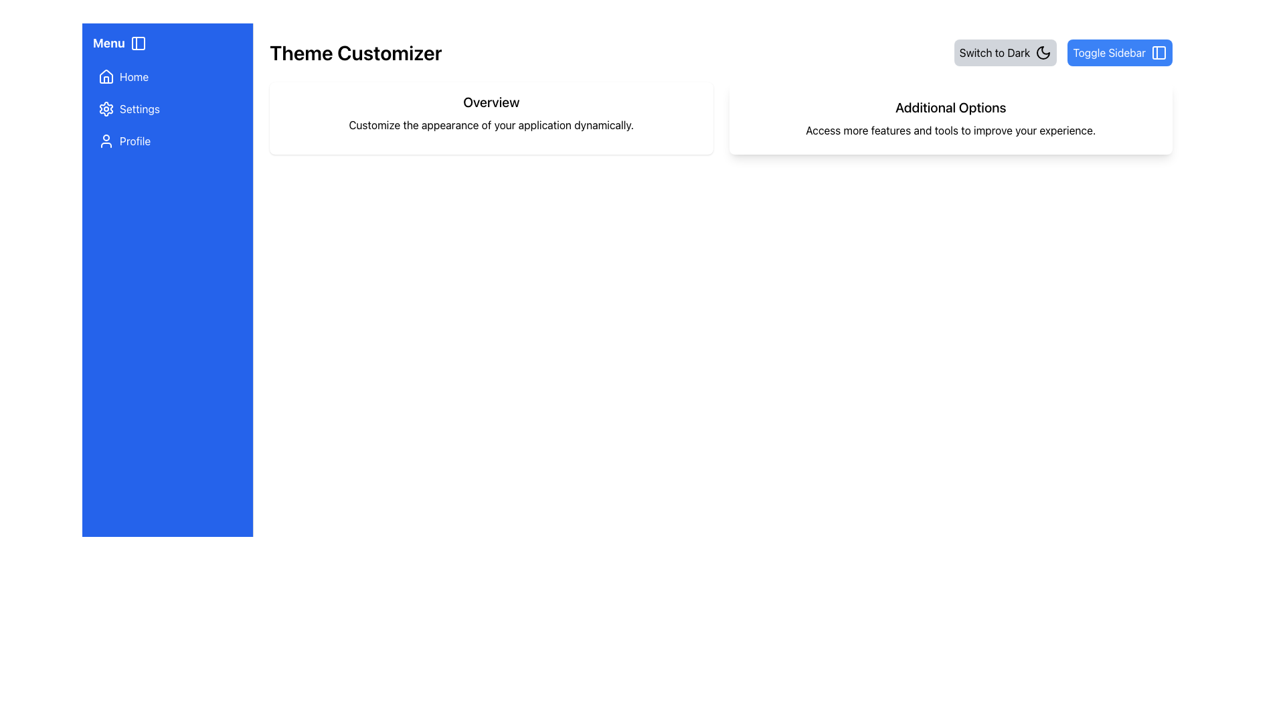  I want to click on the 'Home' button in the sidebar menu, so click(167, 77).